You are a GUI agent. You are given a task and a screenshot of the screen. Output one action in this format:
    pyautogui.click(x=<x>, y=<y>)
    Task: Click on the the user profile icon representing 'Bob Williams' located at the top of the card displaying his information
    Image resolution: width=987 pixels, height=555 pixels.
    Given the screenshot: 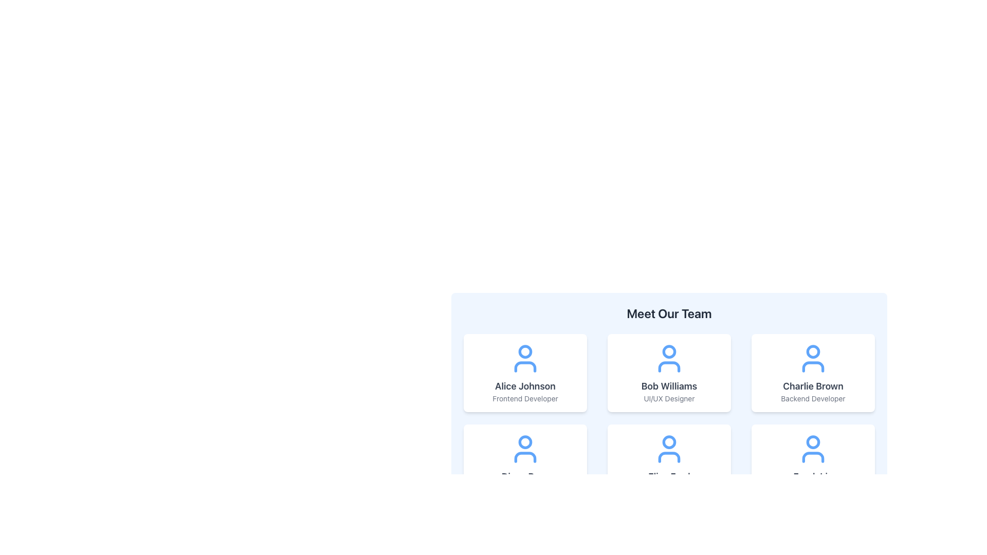 What is the action you would take?
    pyautogui.click(x=669, y=358)
    